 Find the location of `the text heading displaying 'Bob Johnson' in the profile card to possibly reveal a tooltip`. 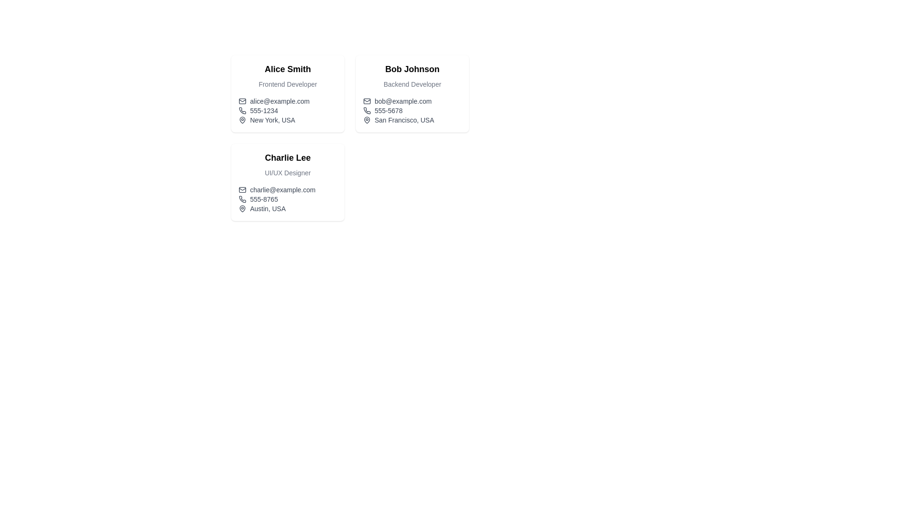

the text heading displaying 'Bob Johnson' in the profile card to possibly reveal a tooltip is located at coordinates (412, 68).